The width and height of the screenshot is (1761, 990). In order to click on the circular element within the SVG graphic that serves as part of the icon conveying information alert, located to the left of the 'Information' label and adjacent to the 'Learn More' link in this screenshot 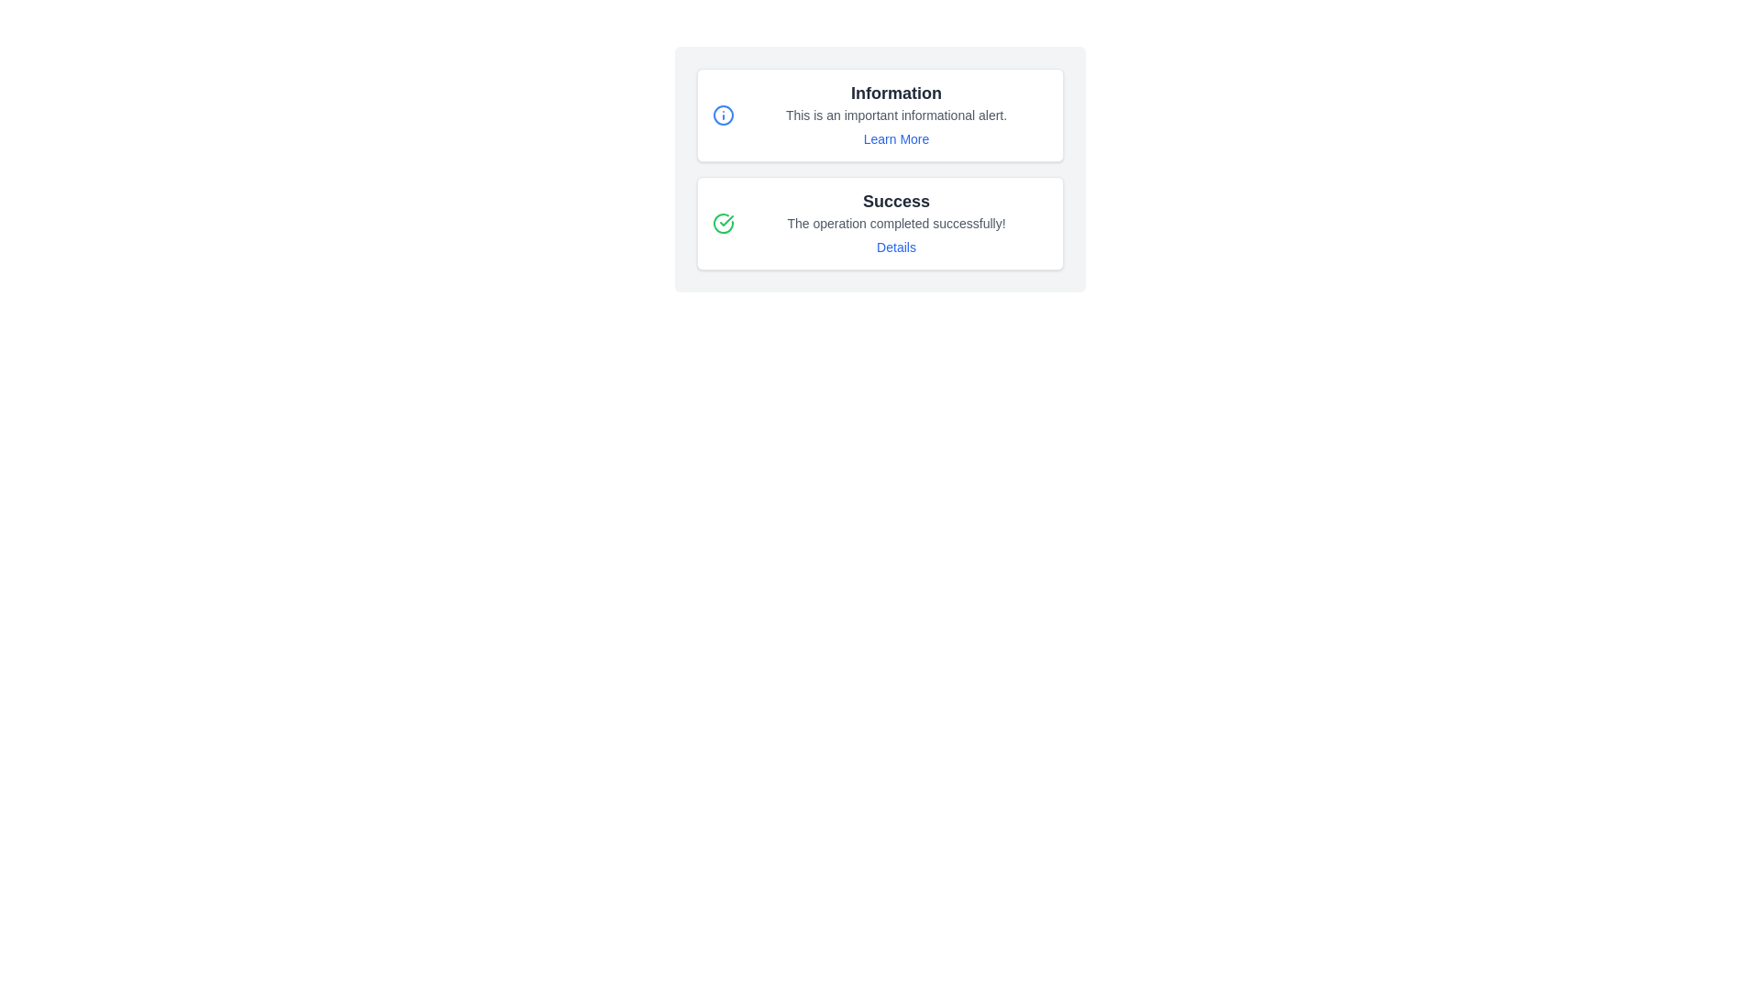, I will do `click(722, 115)`.